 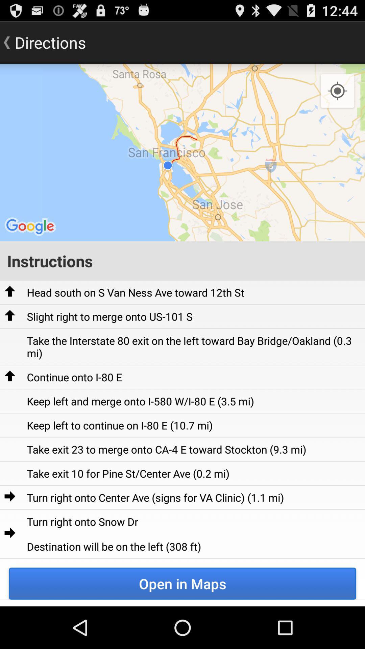 What do you see at coordinates (109, 316) in the screenshot?
I see `icon next to the up` at bounding box center [109, 316].